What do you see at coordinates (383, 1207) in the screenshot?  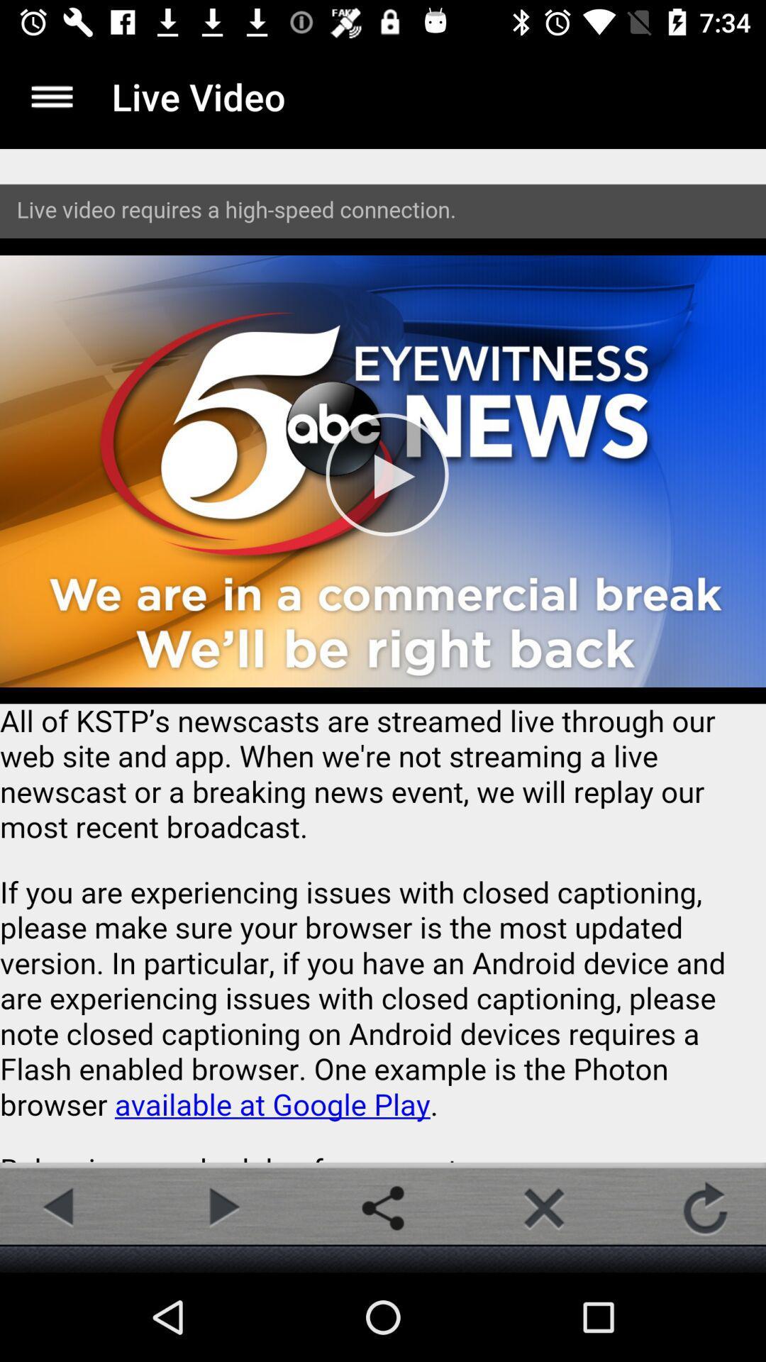 I see `the share icon` at bounding box center [383, 1207].